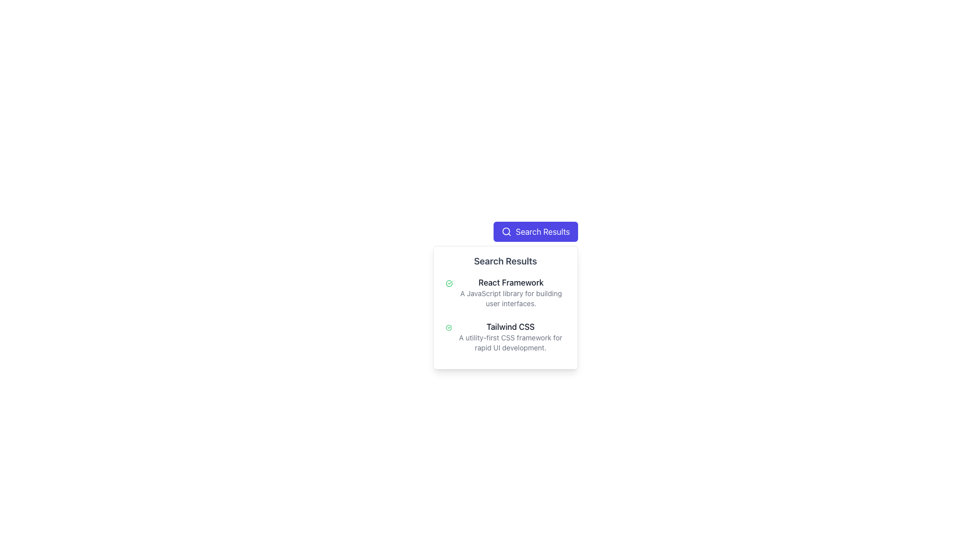  What do you see at coordinates (511, 327) in the screenshot?
I see `the 'Tailwind CSS' text label, which is displayed in a dark, bold font style` at bounding box center [511, 327].